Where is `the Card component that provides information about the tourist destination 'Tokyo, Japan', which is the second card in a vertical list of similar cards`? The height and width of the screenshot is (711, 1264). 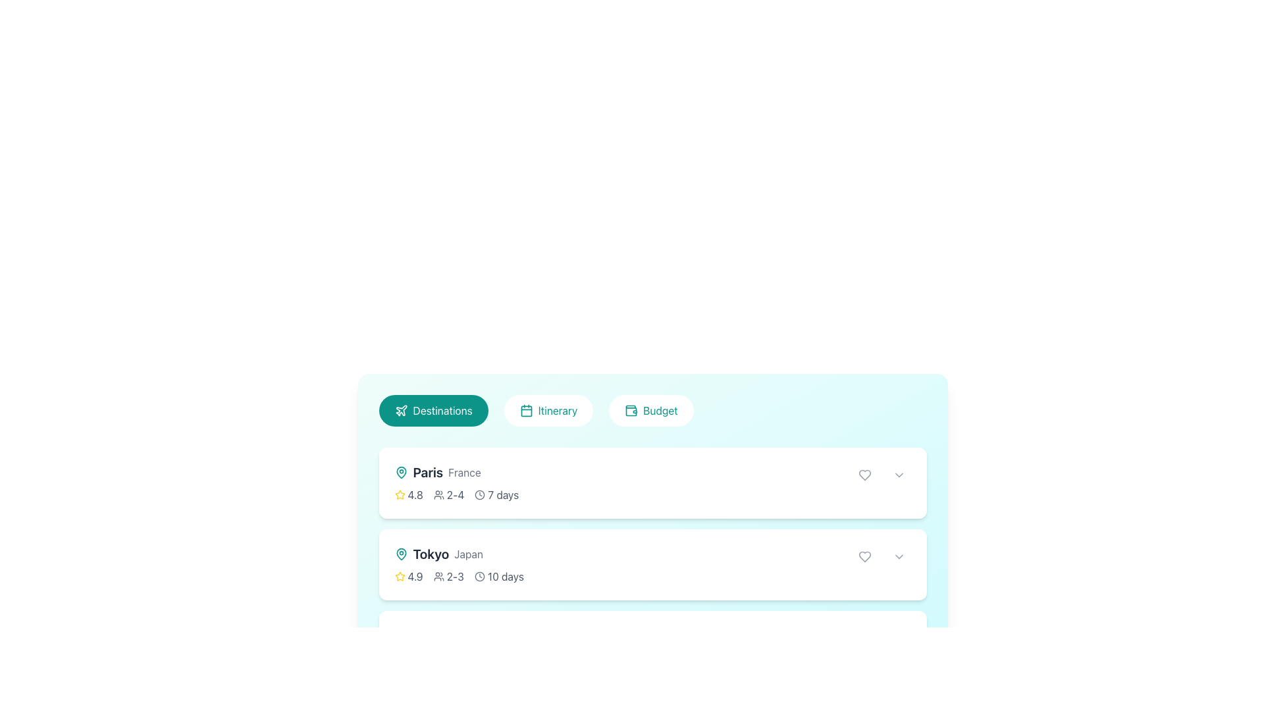
the Card component that provides information about the tourist destination 'Tokyo, Japan', which is the second card in a vertical list of similar cards is located at coordinates (652, 564).